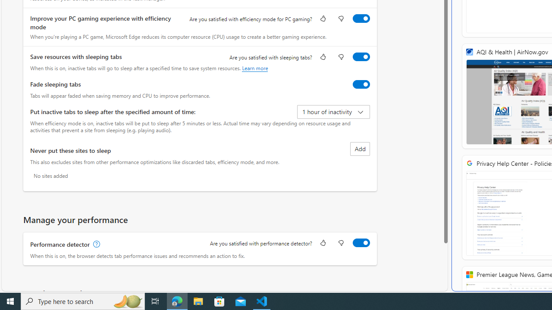 This screenshot has width=552, height=310. Describe the element at coordinates (360, 148) in the screenshot. I see `'Add site to never put these sites to sleep list'` at that location.